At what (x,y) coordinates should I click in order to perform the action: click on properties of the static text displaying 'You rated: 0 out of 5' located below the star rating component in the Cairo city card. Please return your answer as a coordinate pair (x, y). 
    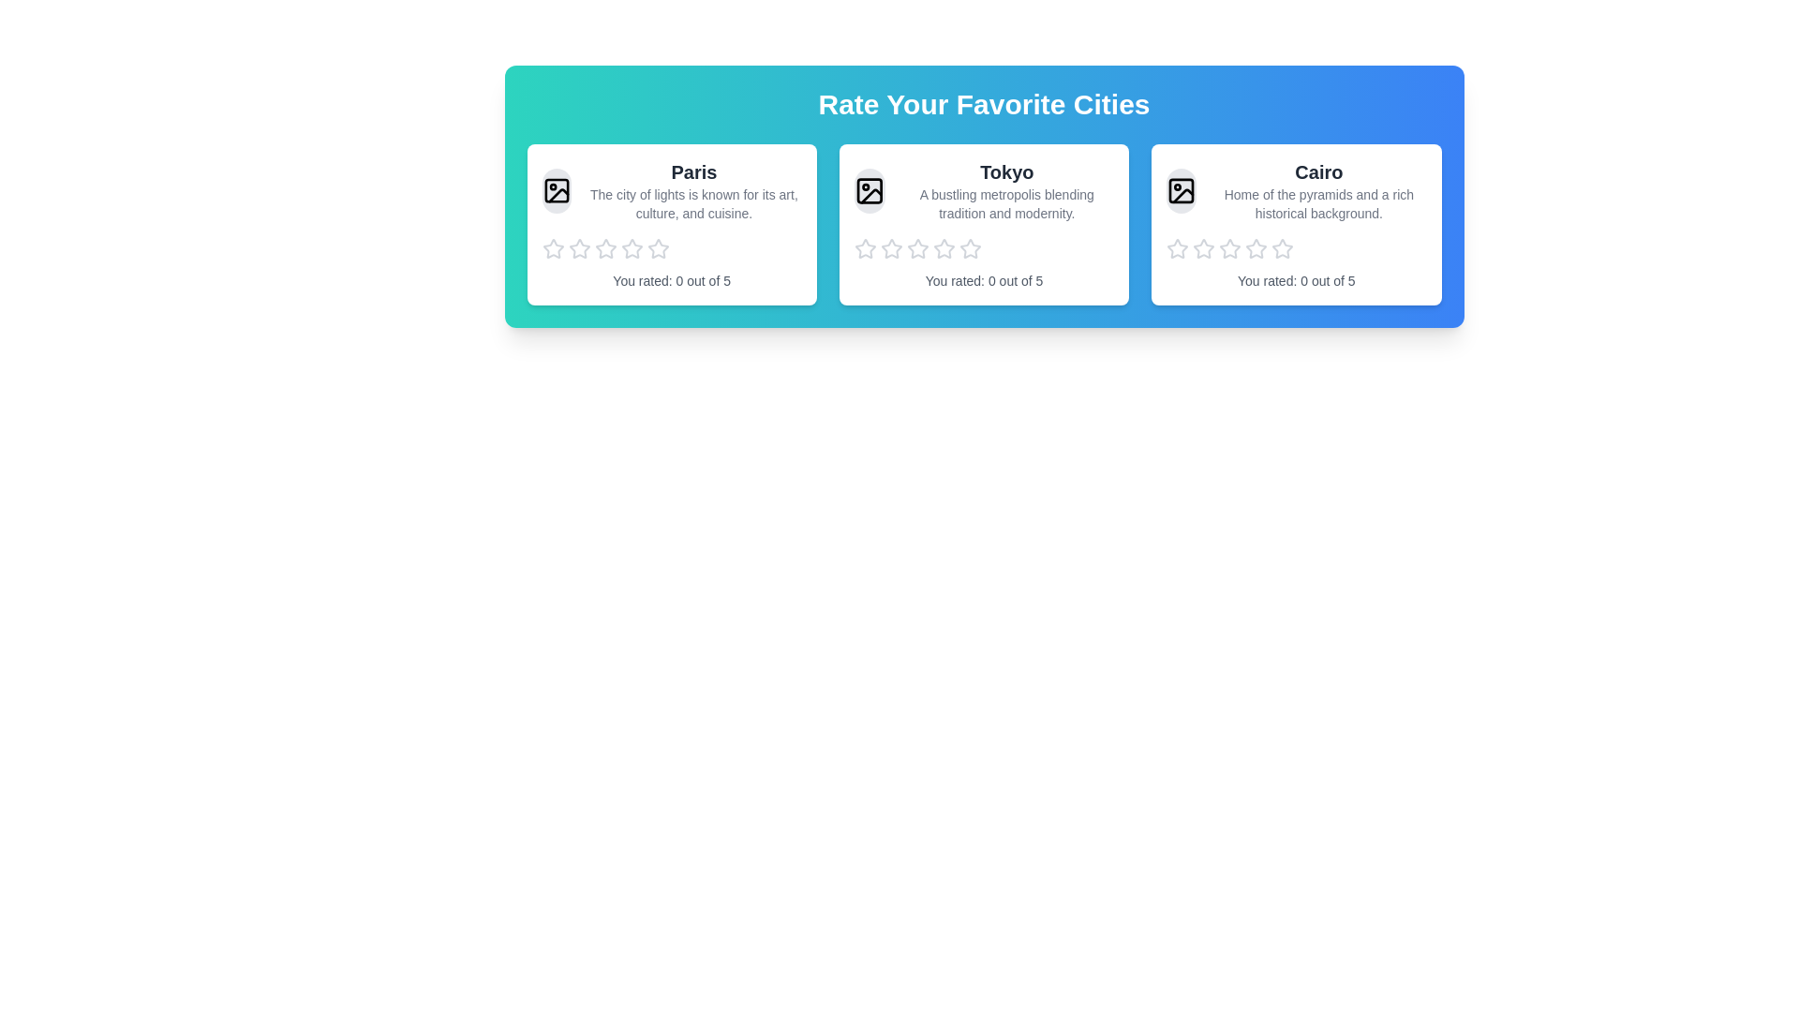
    Looking at the image, I should click on (1295, 281).